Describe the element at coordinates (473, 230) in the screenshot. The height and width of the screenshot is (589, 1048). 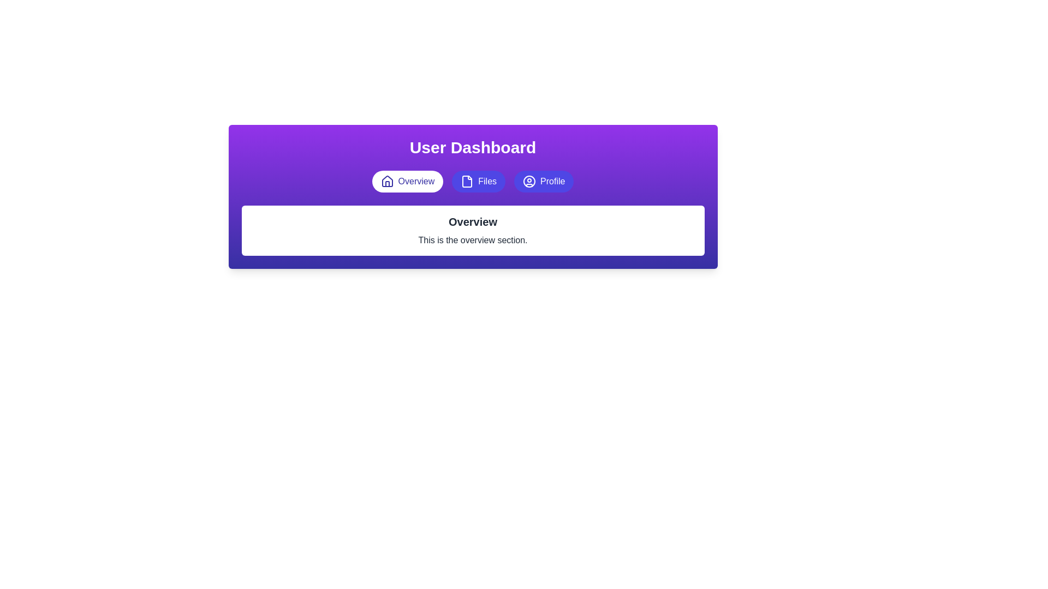
I see `information displayed in the 'Overview' text display section, which contains the title 'Overview' and the description 'This is the overview section.'` at that location.